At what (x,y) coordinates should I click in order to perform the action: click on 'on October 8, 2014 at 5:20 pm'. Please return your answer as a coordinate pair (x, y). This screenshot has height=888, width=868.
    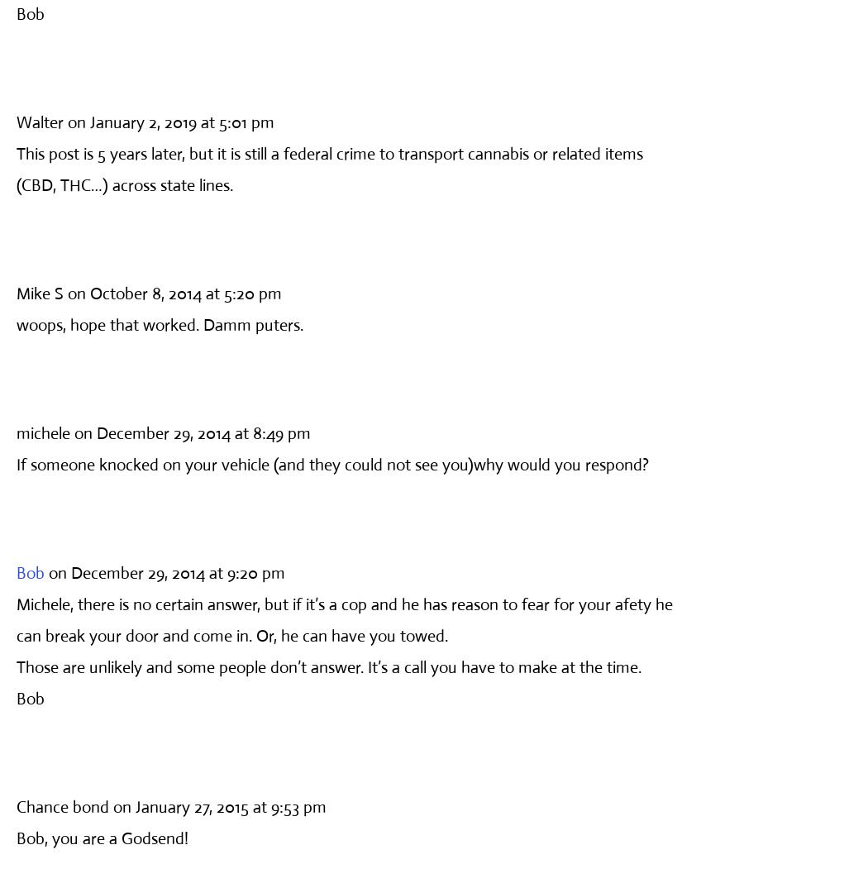
    Looking at the image, I should click on (68, 292).